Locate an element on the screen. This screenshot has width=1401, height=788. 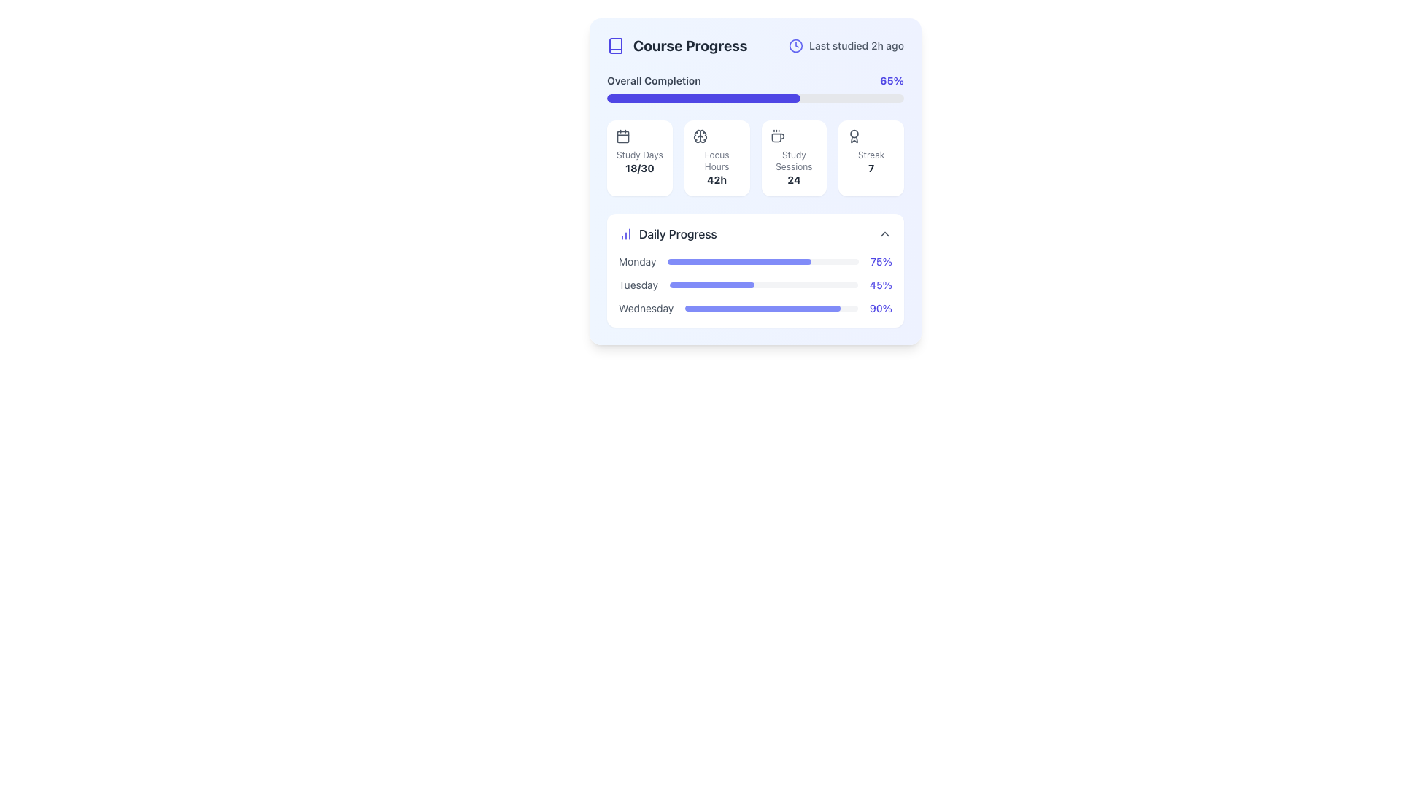
displayed text '42h' in the 'Focus Hours' label located in the second card under the 'Course Progress' section of the dashboard is located at coordinates (717, 179).